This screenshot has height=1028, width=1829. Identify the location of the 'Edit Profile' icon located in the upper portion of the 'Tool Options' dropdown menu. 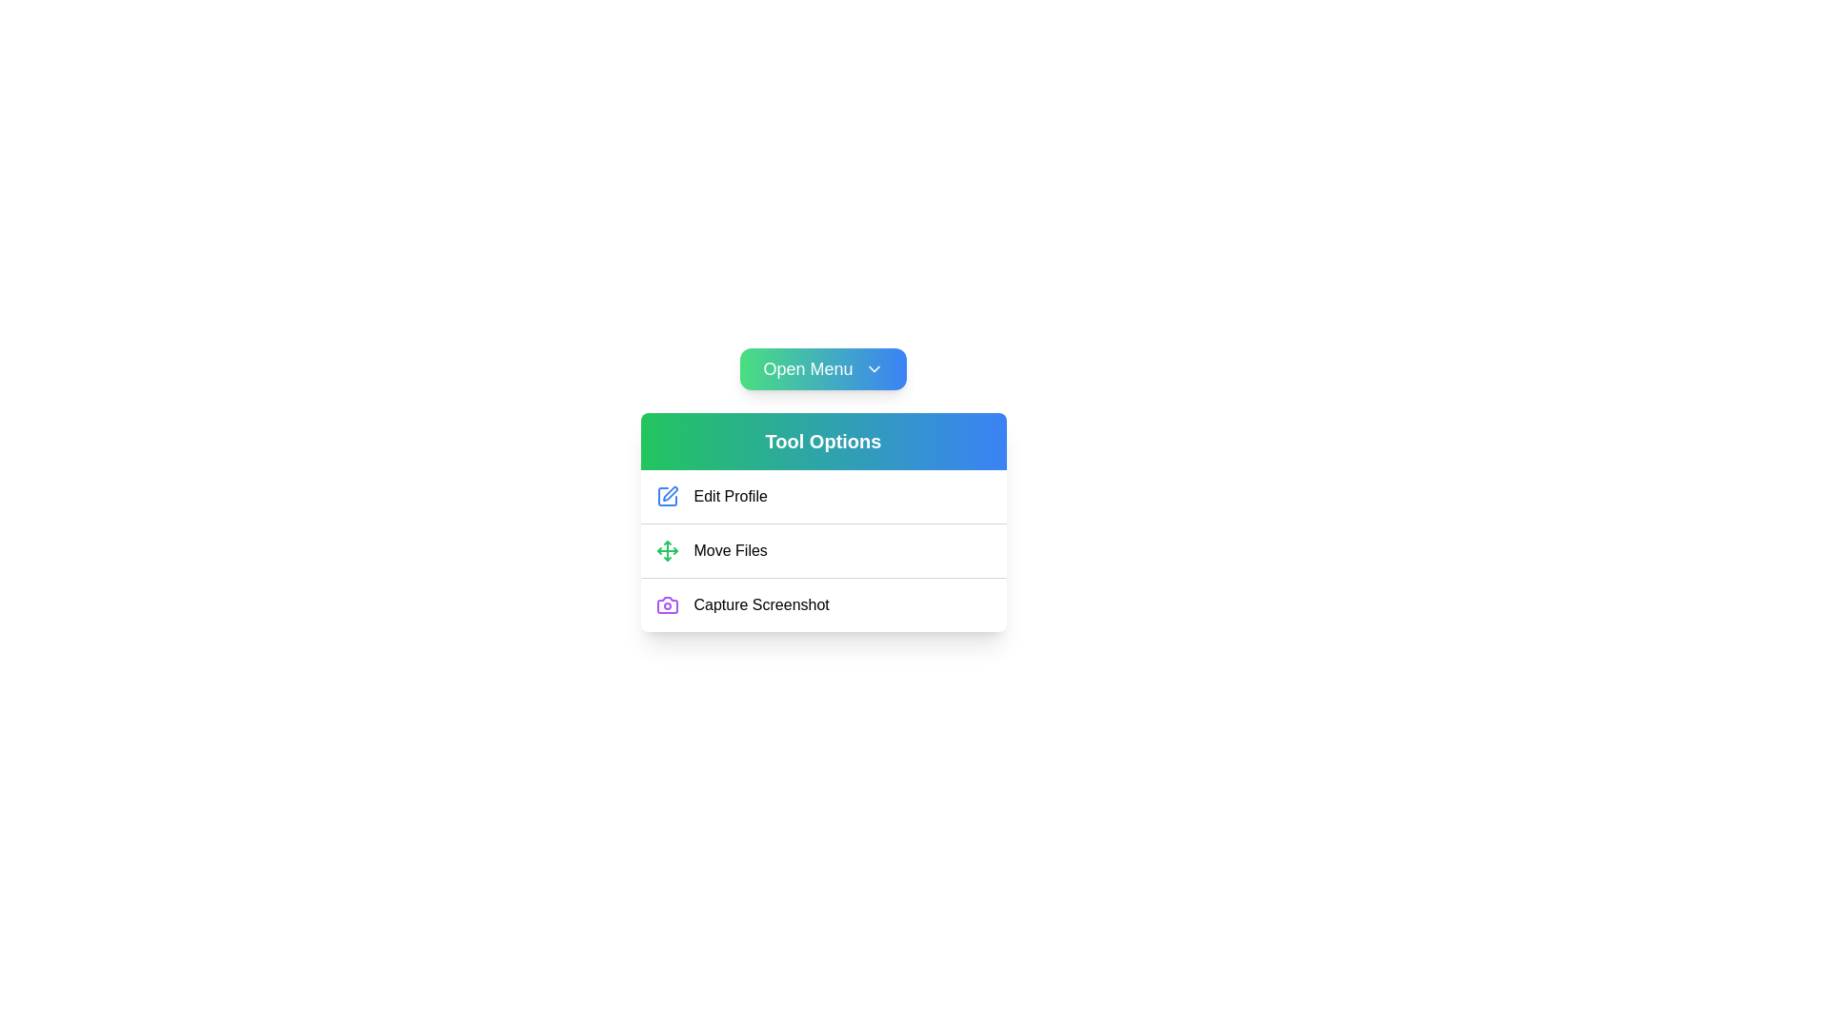
(670, 493).